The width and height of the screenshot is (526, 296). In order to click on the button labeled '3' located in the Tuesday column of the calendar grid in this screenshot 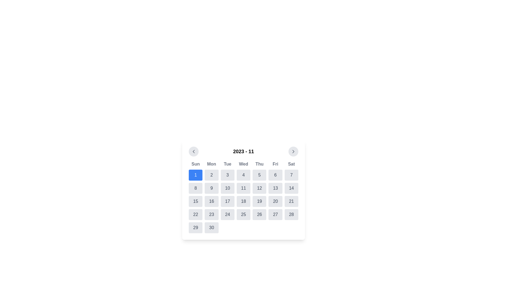, I will do `click(227, 175)`.